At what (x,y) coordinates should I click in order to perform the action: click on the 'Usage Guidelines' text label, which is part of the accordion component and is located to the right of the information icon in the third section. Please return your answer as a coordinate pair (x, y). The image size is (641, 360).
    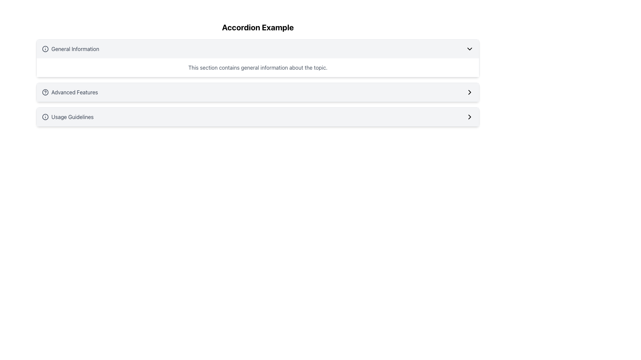
    Looking at the image, I should click on (72, 117).